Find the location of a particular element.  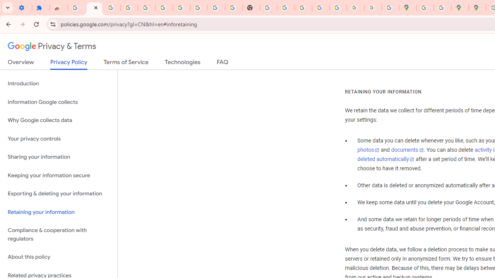

'Sharing your information' is located at coordinates (58, 157).